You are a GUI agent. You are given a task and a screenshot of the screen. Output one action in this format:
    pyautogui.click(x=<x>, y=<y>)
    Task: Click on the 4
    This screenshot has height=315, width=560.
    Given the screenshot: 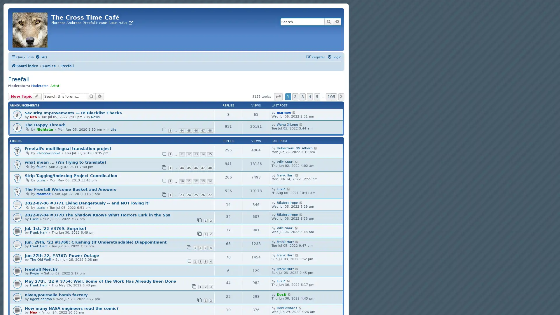 What is the action you would take?
    pyautogui.click(x=309, y=96)
    